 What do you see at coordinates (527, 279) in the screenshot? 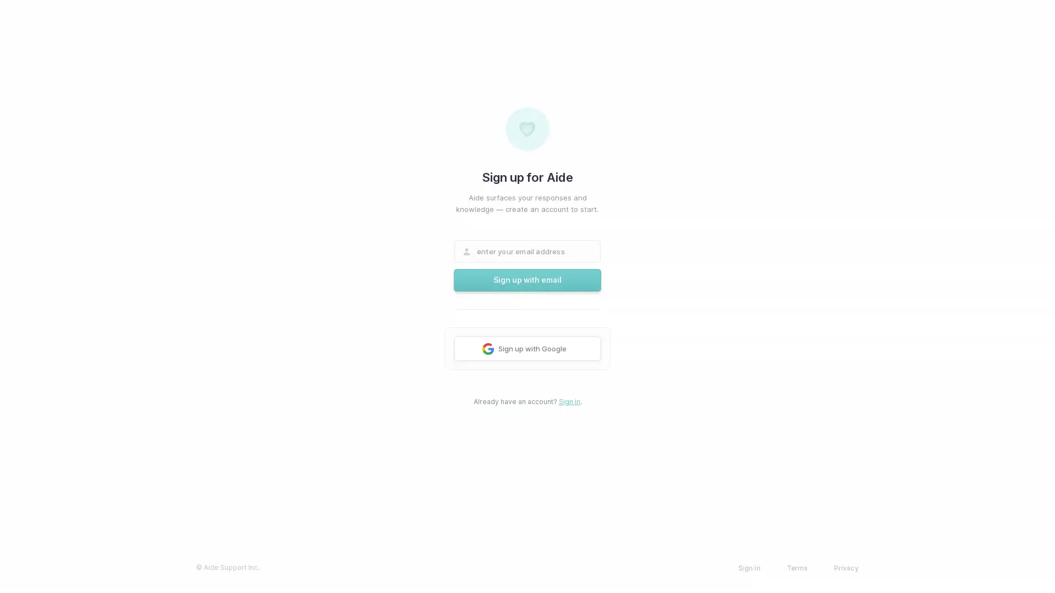
I see `Sign up with email` at bounding box center [527, 279].